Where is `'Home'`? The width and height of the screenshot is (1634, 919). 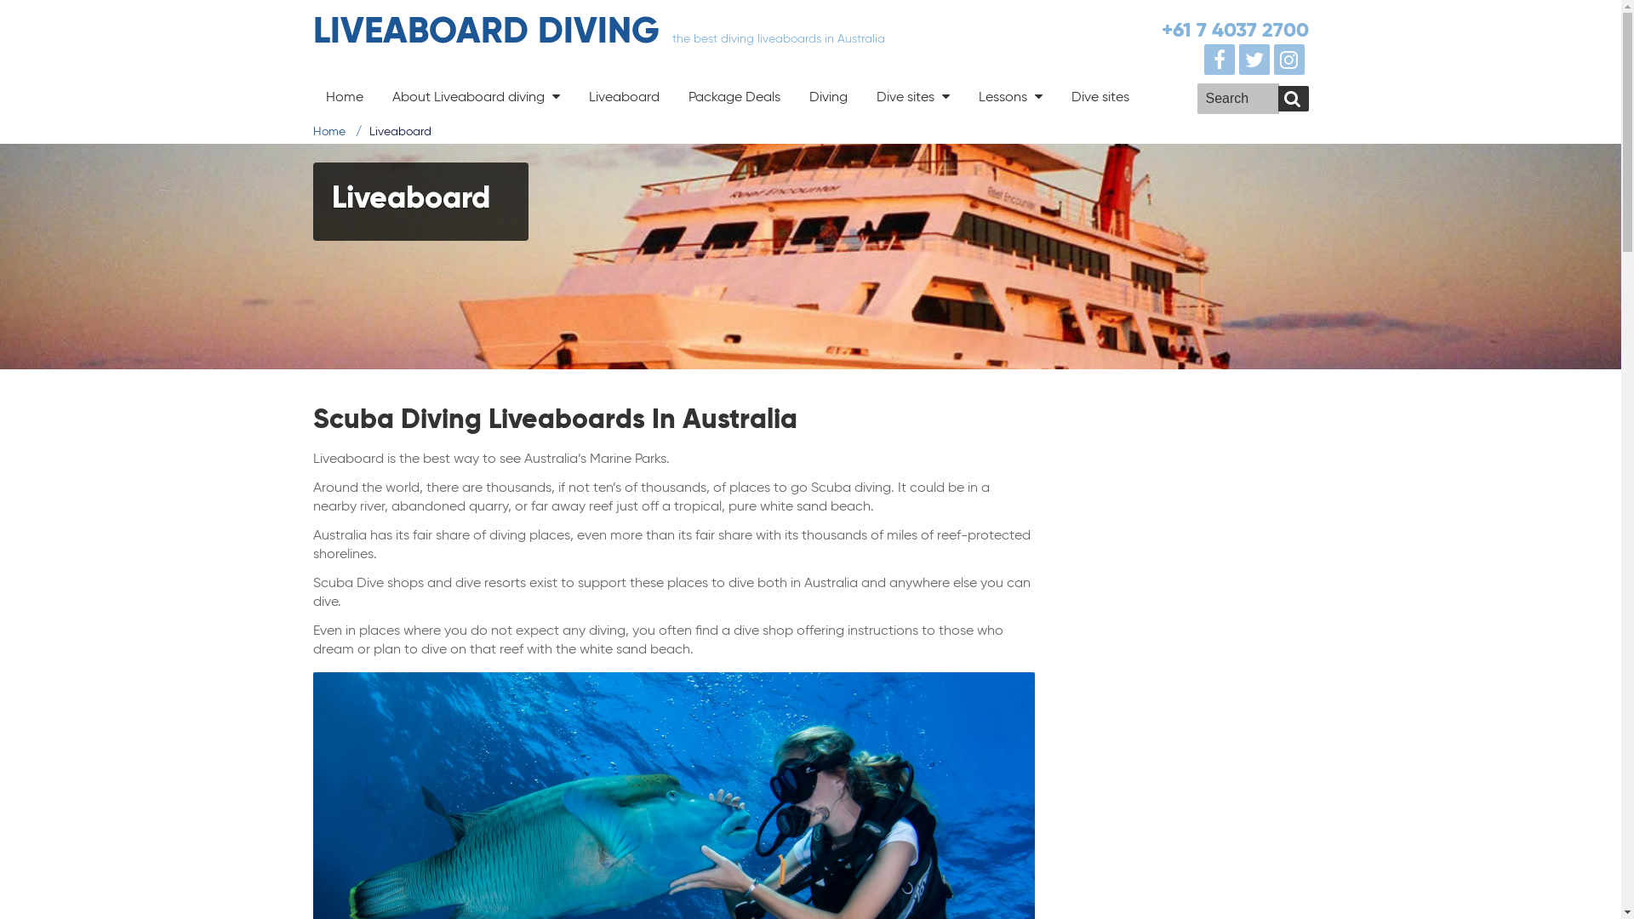
'Home' is located at coordinates (329, 130).